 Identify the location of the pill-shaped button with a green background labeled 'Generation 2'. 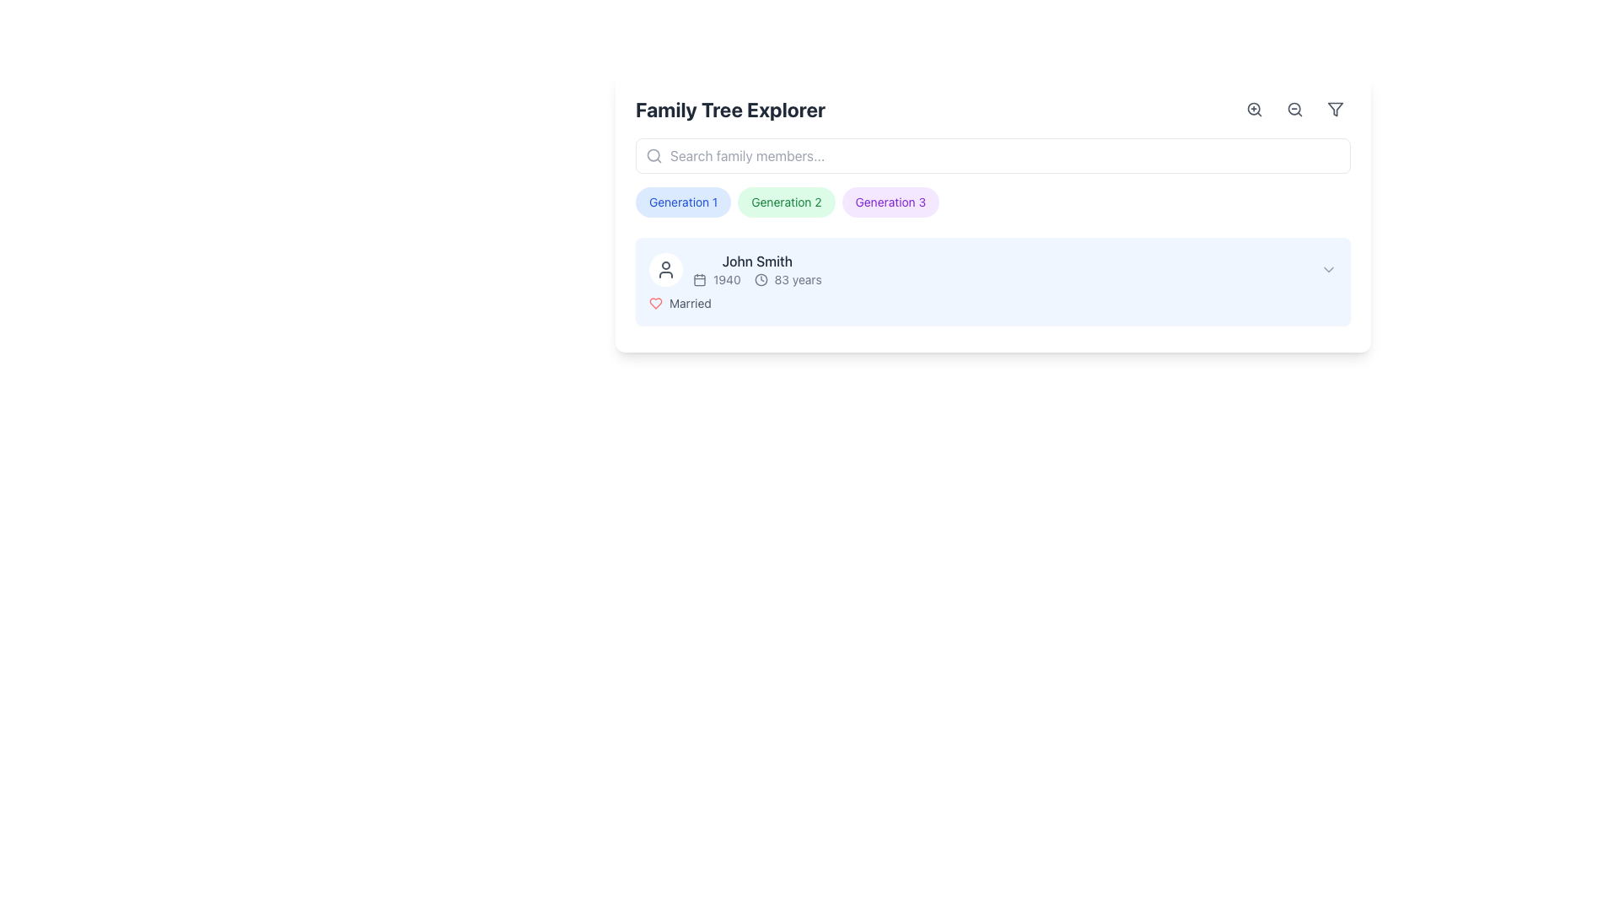
(785, 201).